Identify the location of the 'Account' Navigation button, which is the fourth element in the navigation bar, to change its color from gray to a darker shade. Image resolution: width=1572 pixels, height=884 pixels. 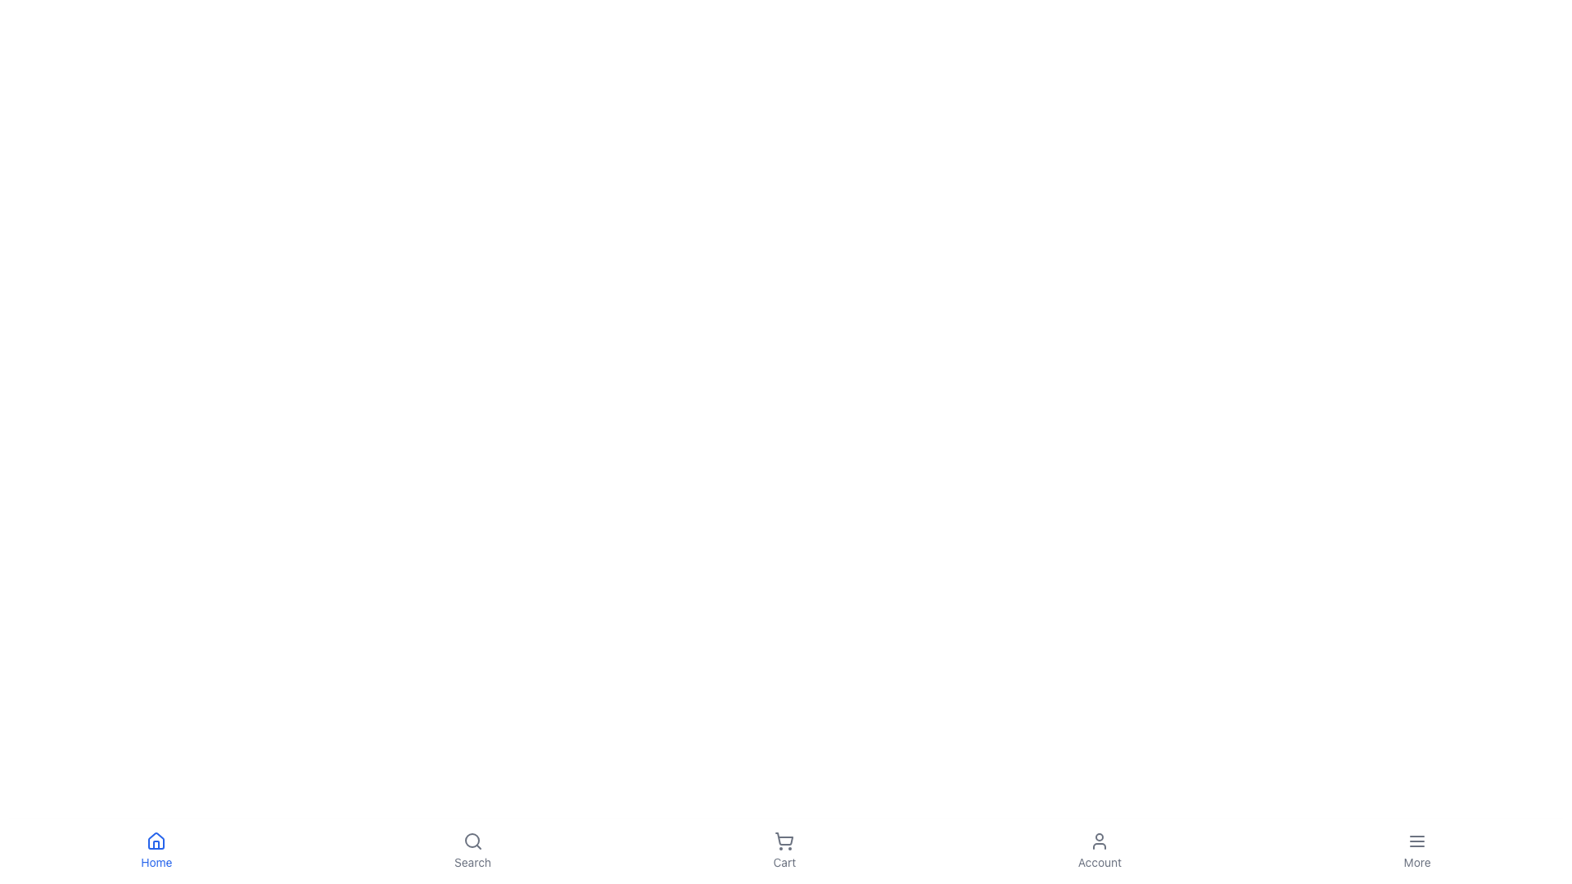
(1100, 850).